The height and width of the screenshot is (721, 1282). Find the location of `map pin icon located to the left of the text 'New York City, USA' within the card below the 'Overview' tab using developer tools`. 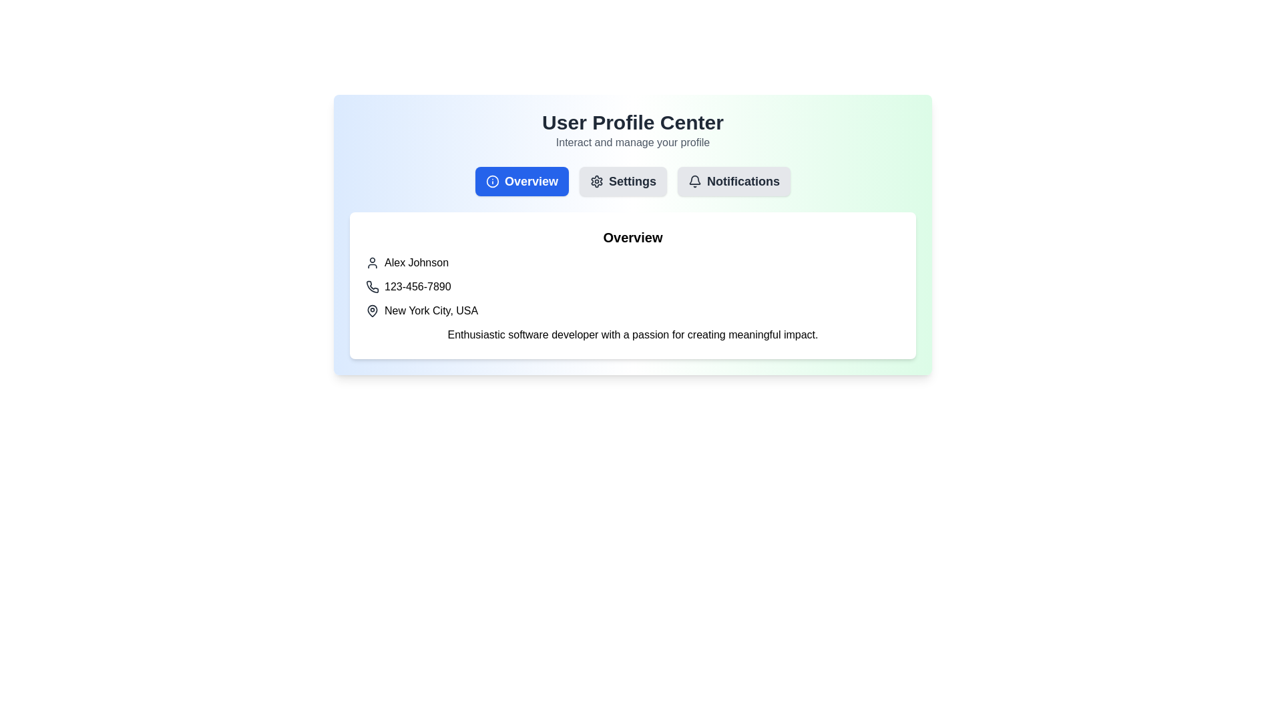

map pin icon located to the left of the text 'New York City, USA' within the card below the 'Overview' tab using developer tools is located at coordinates (372, 311).